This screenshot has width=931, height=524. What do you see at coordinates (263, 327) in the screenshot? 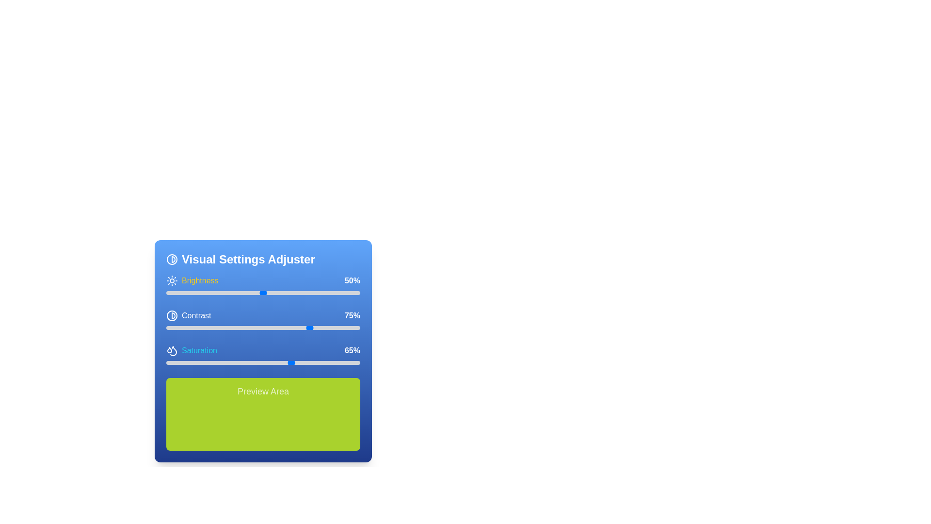
I see `the contrast value` at bounding box center [263, 327].